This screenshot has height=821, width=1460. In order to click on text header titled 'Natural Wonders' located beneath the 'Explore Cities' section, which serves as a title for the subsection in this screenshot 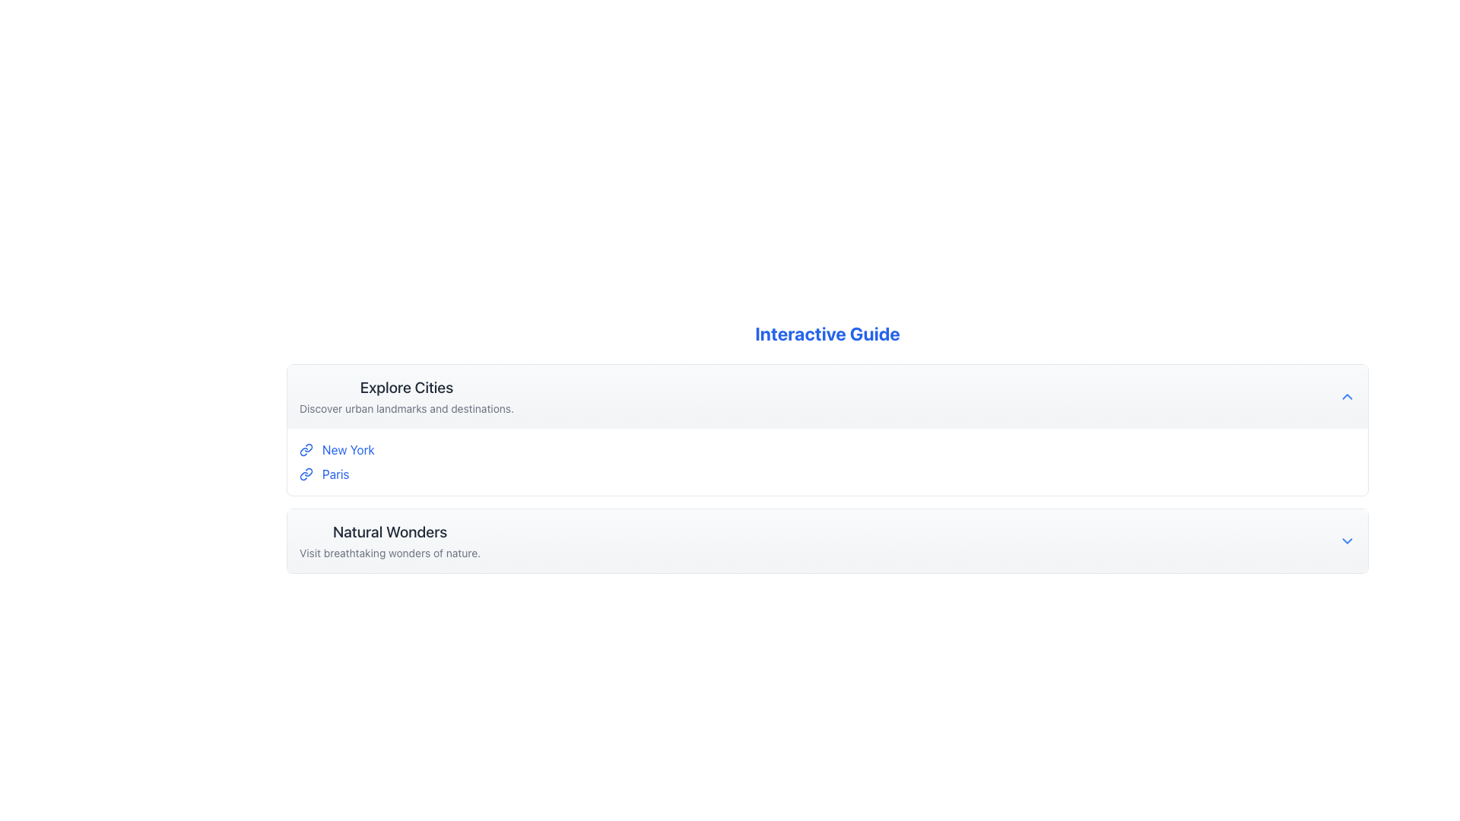, I will do `click(390, 531)`.